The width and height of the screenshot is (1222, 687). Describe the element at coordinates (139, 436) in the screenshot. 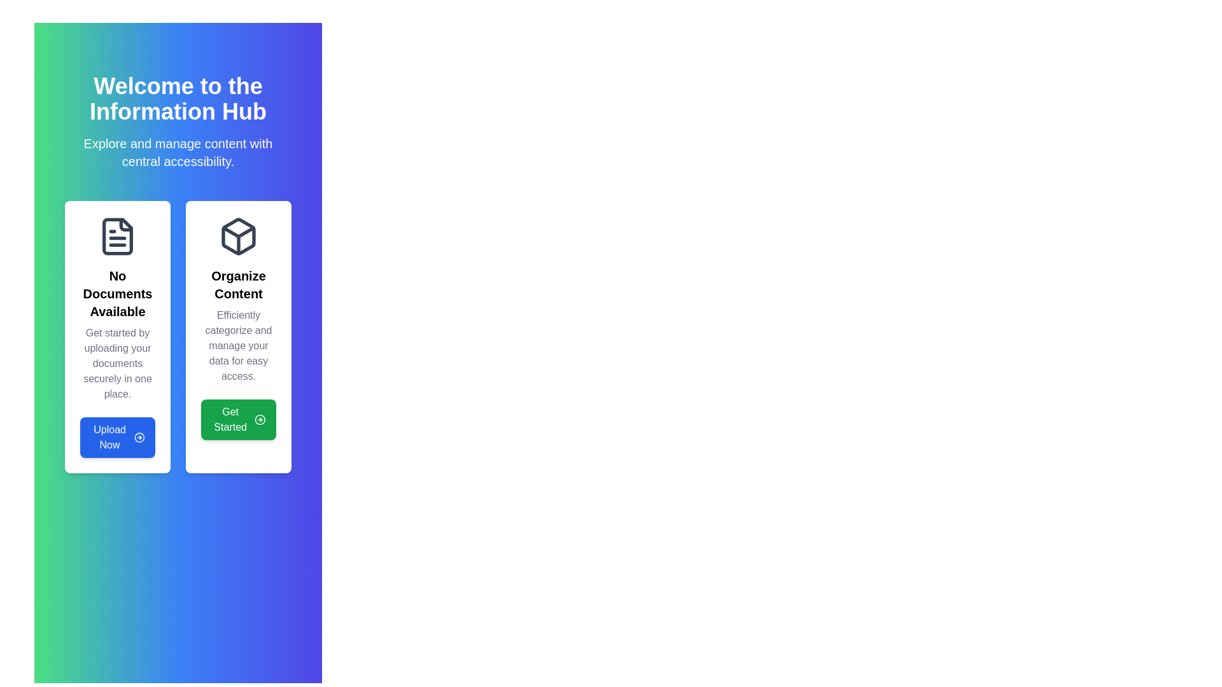

I see `the Circular arrow icon located to the right of the 'Upload Now' button to initiate an uploading action` at that location.